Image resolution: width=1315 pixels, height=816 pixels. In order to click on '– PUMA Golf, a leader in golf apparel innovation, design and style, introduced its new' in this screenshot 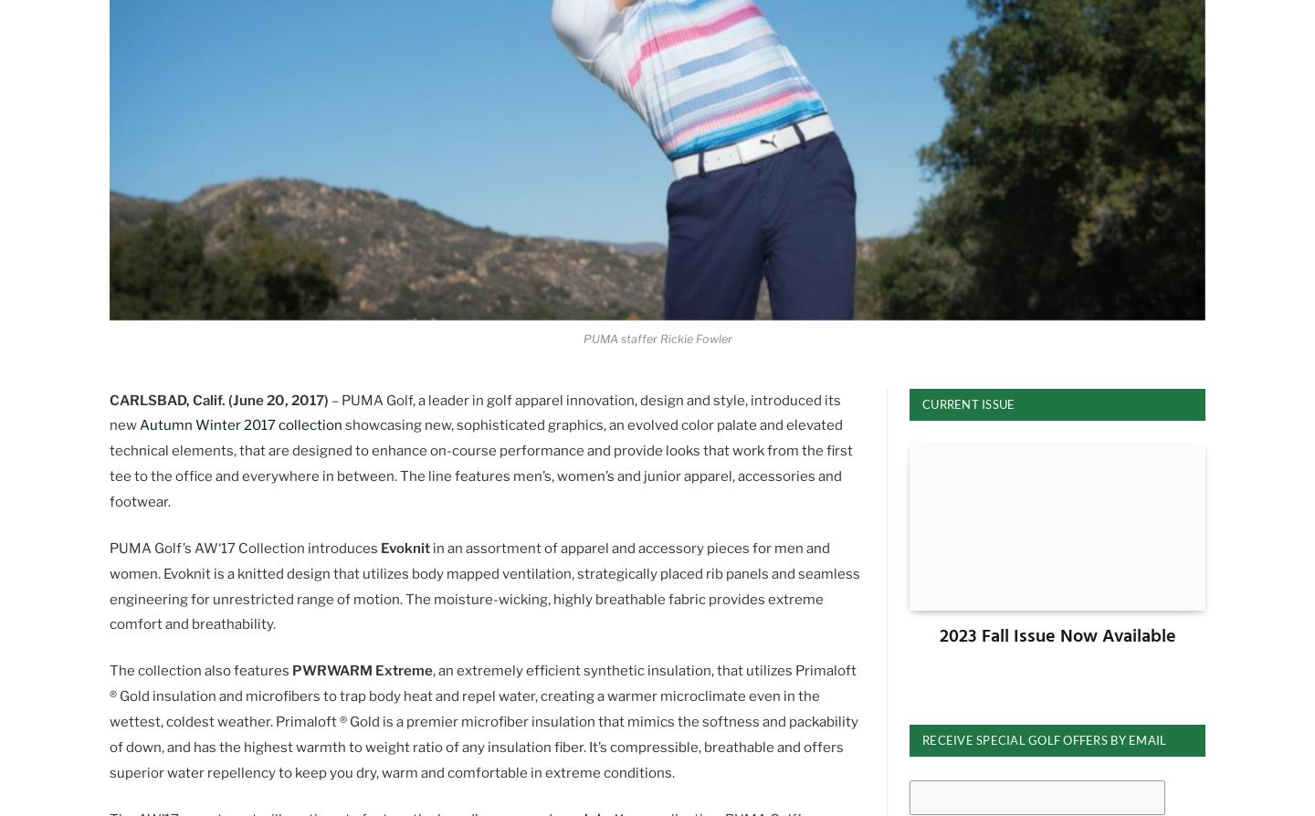, I will do `click(109, 413)`.